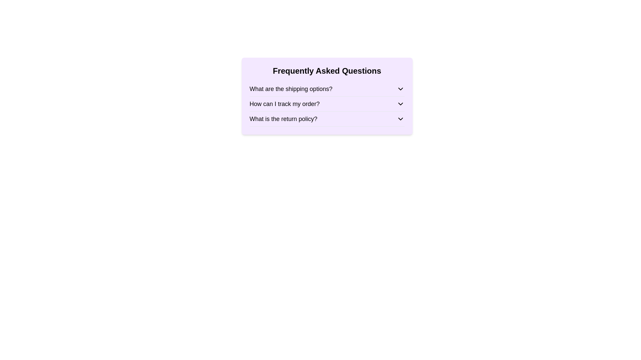 This screenshot has width=641, height=360. Describe the element at coordinates (327, 104) in the screenshot. I see `the Expandable FAQ item with the question 'How can I track my order?'` at that location.